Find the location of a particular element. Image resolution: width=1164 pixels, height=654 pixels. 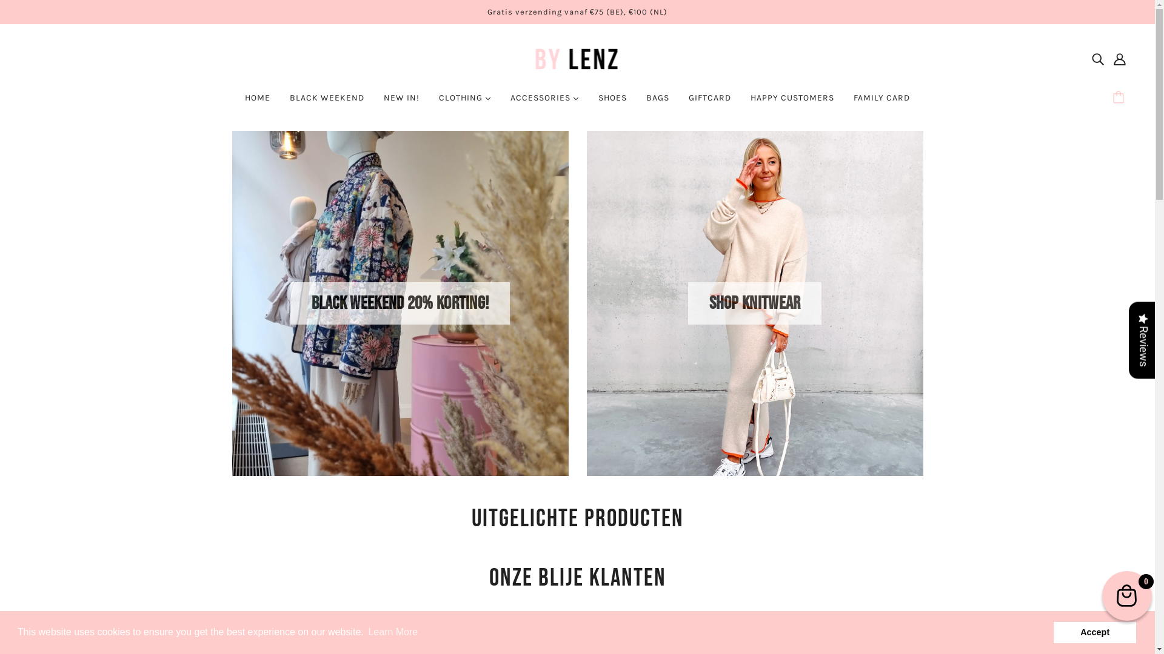

'shop knitwear' is located at coordinates (754, 303).